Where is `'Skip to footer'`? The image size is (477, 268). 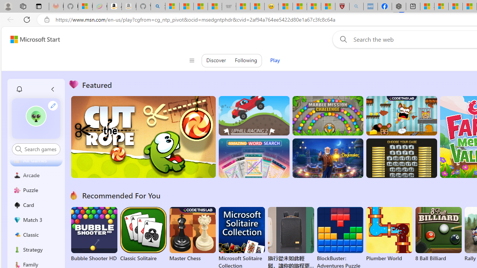 'Skip to footer' is located at coordinates (30, 39).